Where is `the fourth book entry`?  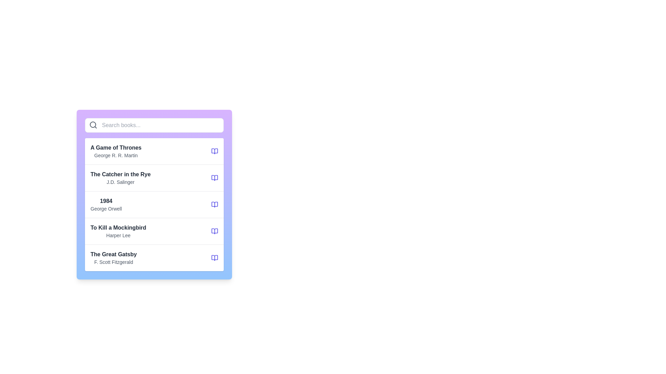 the fourth book entry is located at coordinates (118, 231).